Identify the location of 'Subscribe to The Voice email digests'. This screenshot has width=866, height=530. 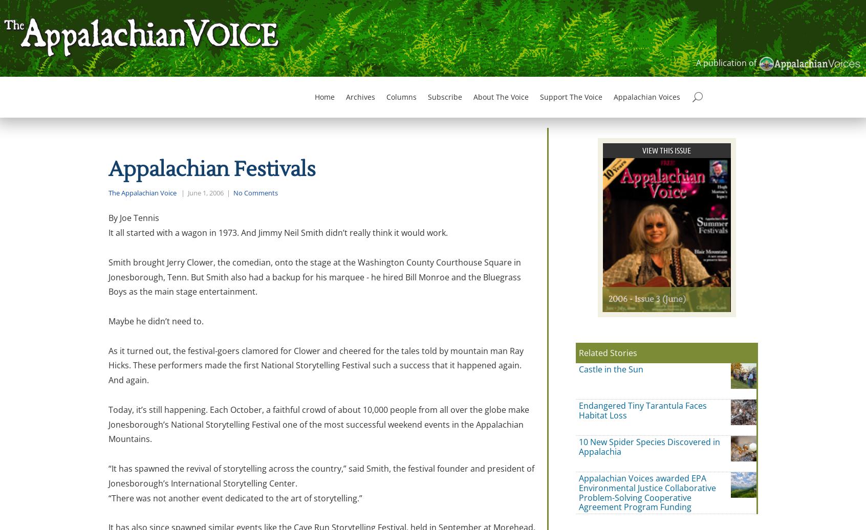
(298, 301).